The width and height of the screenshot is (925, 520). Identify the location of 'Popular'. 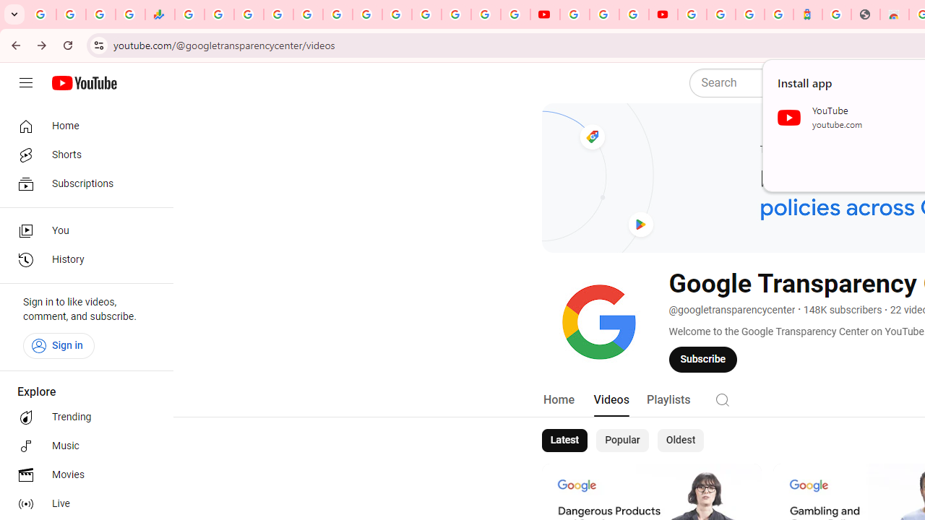
(622, 439).